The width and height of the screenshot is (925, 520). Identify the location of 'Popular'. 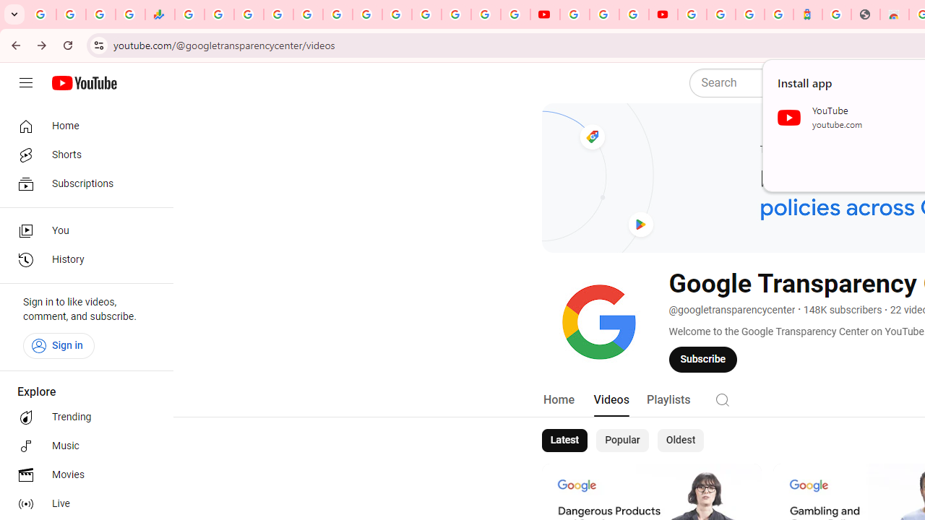
(622, 439).